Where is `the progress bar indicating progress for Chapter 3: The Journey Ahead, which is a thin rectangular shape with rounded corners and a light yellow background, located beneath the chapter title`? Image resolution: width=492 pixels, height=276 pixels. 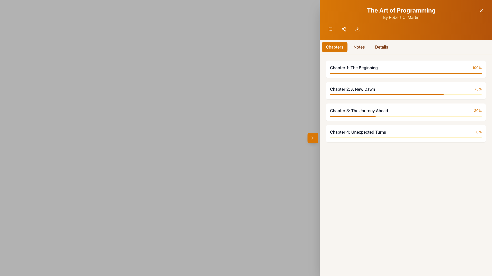
the progress bar indicating progress for Chapter 3: The Journey Ahead, which is a thin rectangular shape with rounded corners and a light yellow background, located beneath the chapter title is located at coordinates (406, 116).